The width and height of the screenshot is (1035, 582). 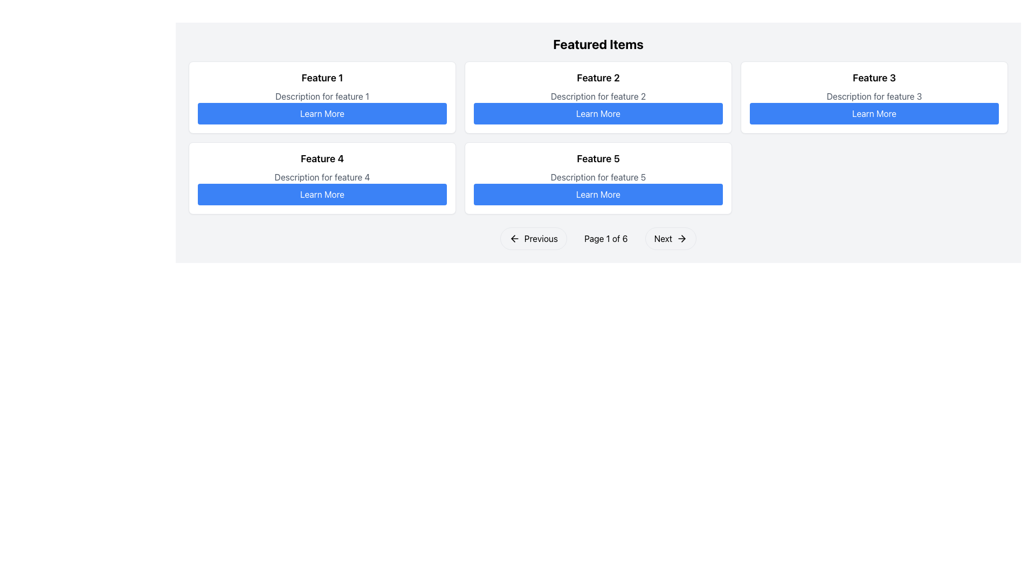 I want to click on the button that provides more information about 'Feature 4', so click(x=322, y=195).